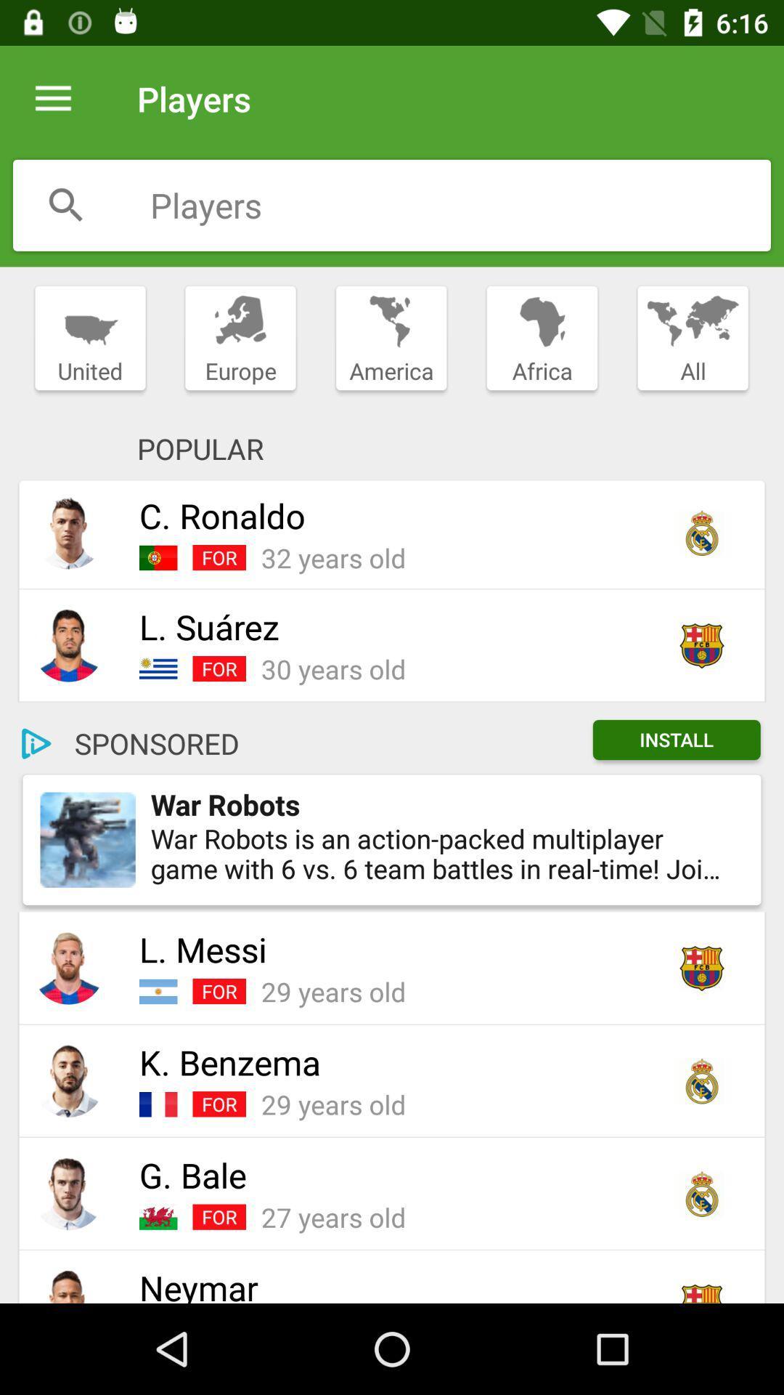  Describe the element at coordinates (66, 204) in the screenshot. I see `search for a player` at that location.